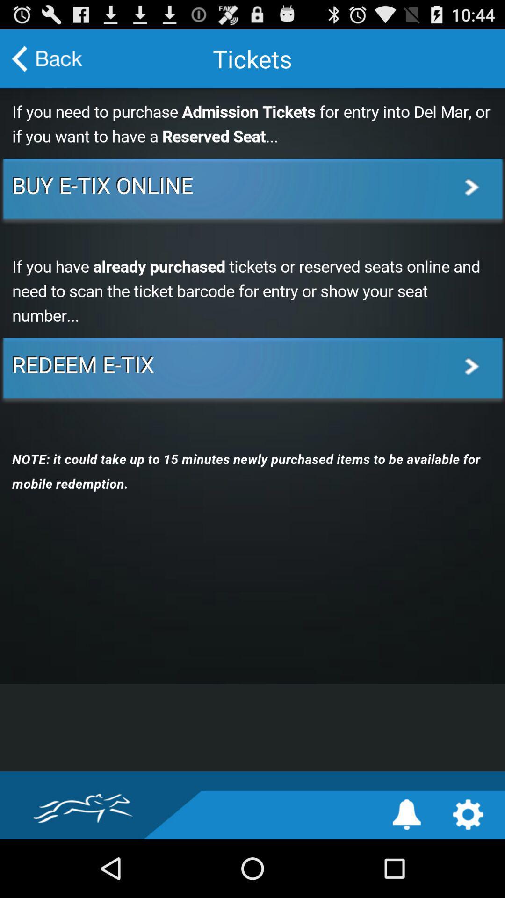 This screenshot has height=898, width=505. What do you see at coordinates (468, 814) in the screenshot?
I see `setting box` at bounding box center [468, 814].